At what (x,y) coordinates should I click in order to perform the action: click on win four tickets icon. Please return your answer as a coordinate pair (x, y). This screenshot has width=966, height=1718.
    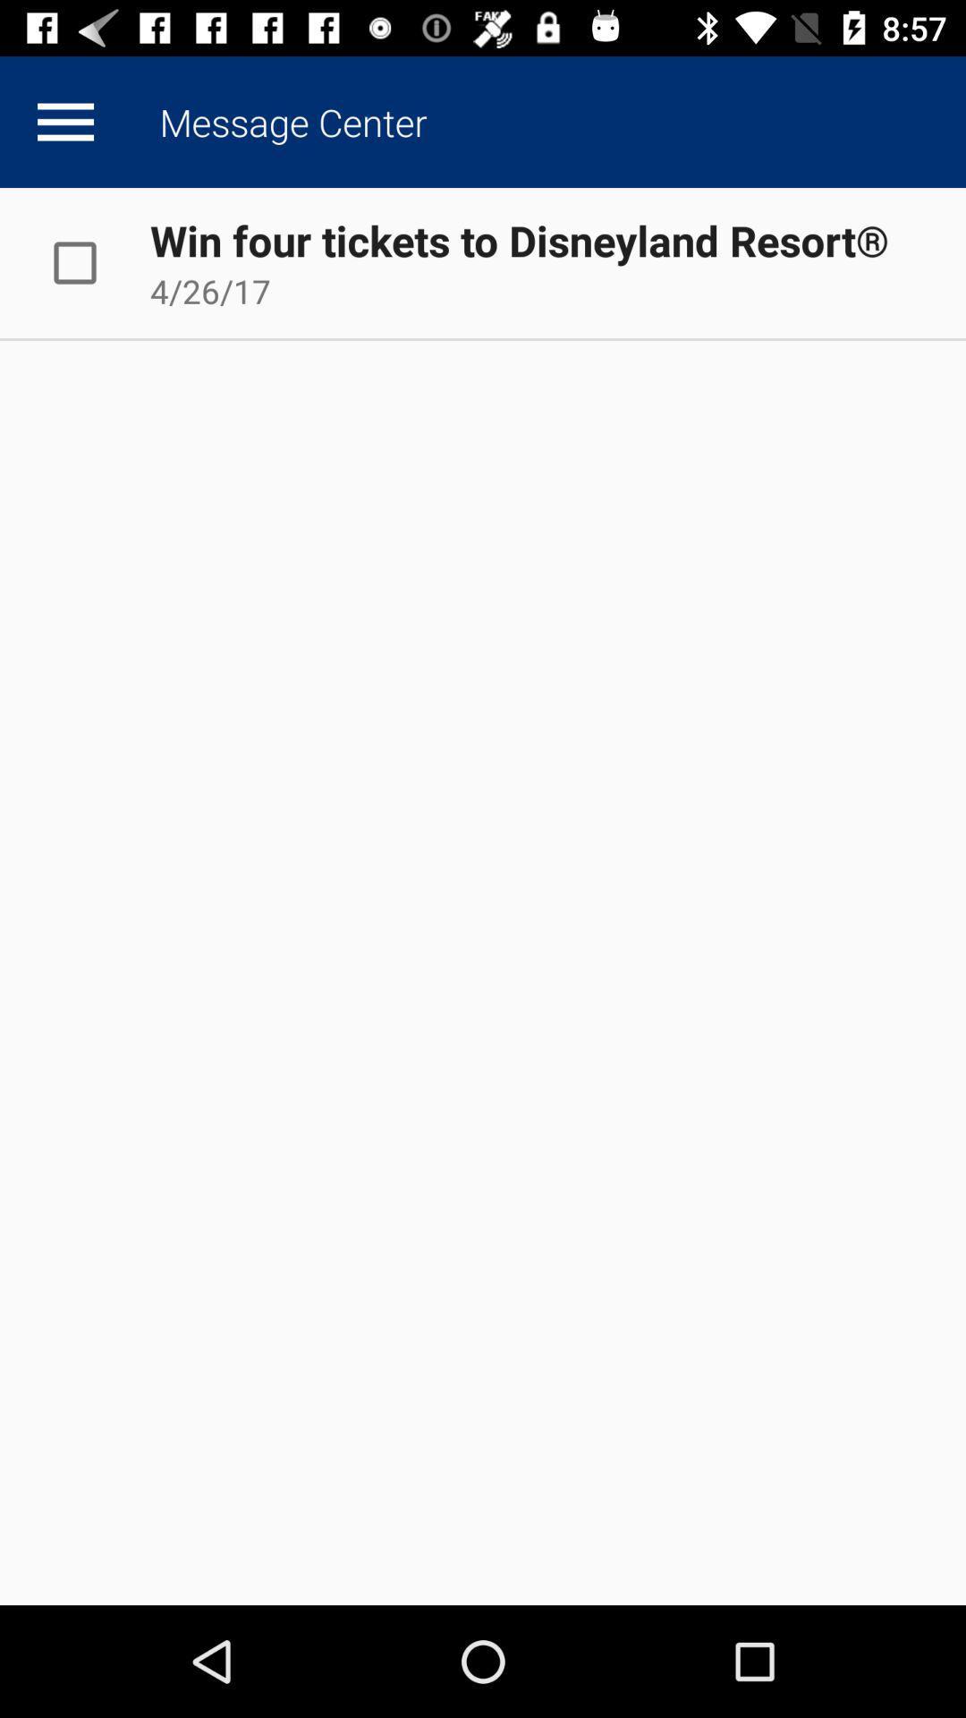
    Looking at the image, I should click on (519, 239).